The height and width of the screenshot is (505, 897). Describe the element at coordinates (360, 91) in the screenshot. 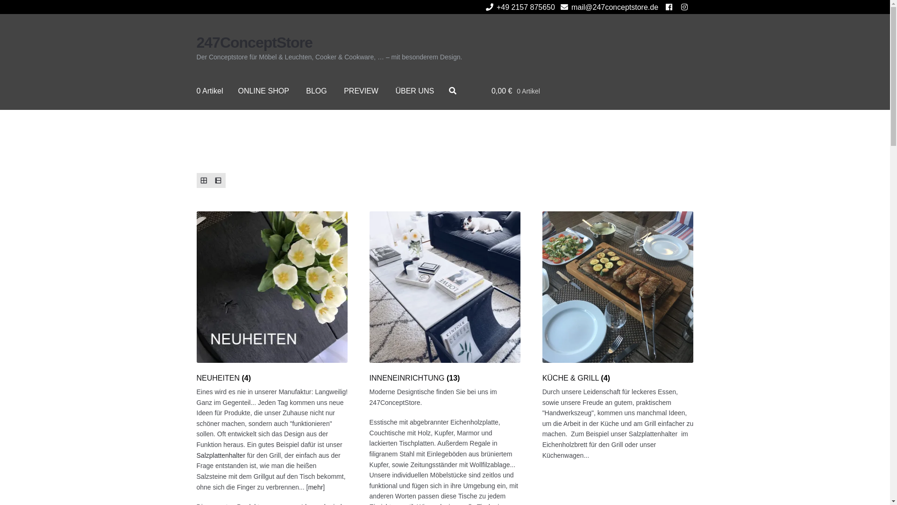

I see `'PREVIEW'` at that location.